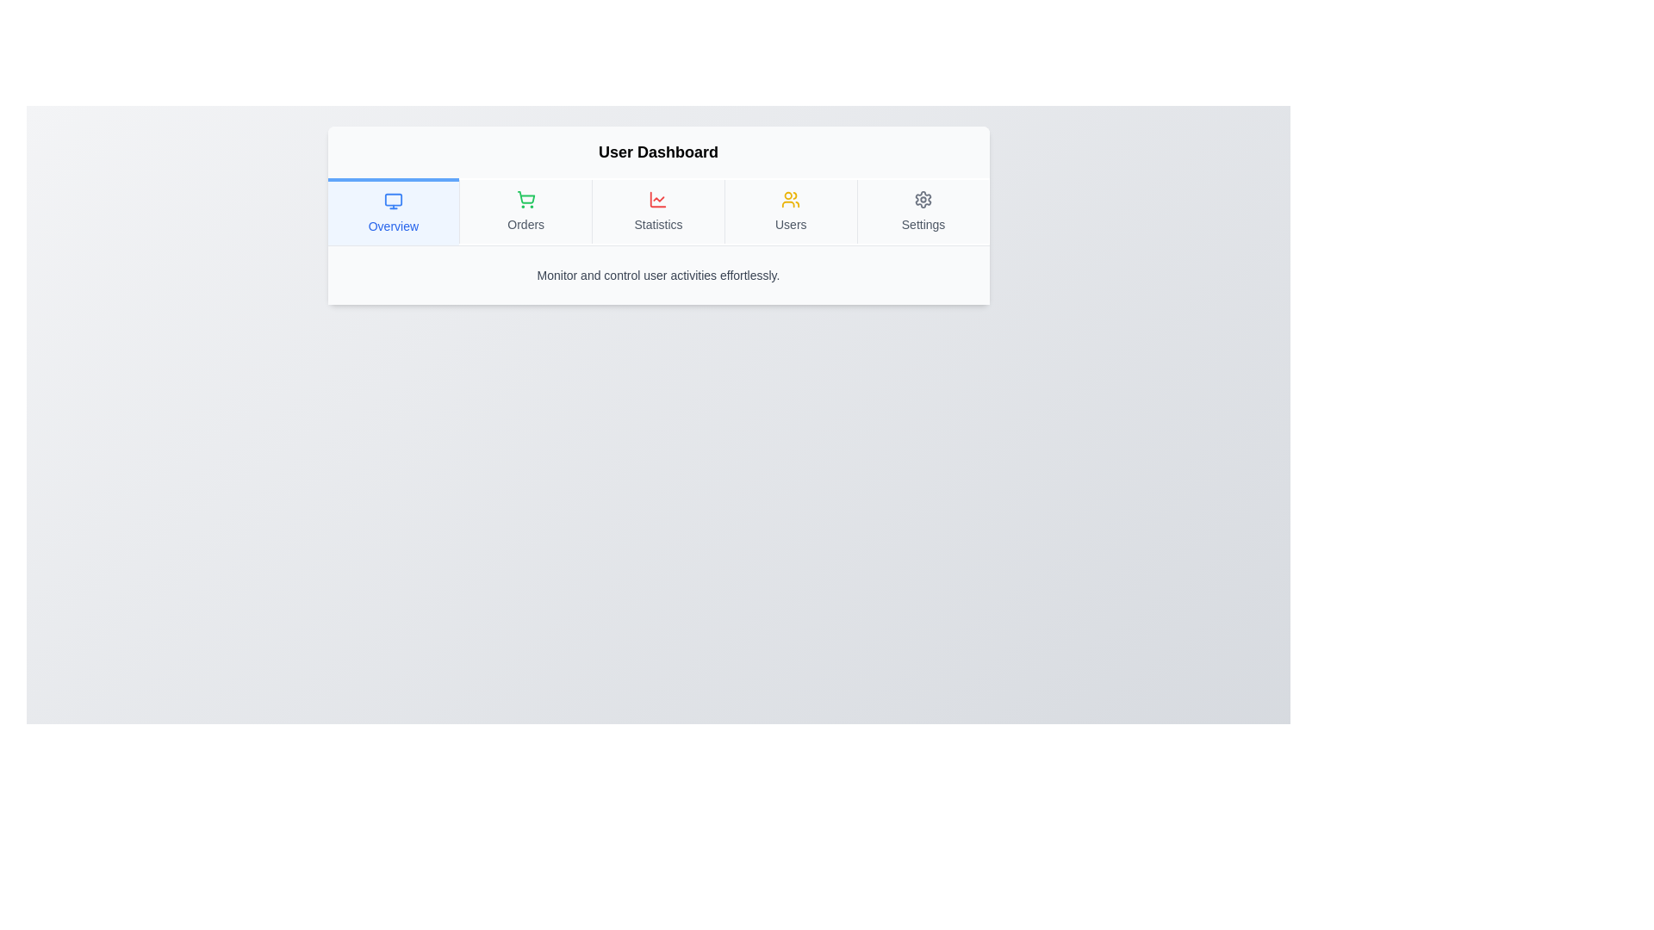  Describe the element at coordinates (657, 214) in the screenshot. I see `the 'Statistics' navigation link, which is the third item in the horizontal navigation bar below 'User Dashboard', positioned between 'Orders' and 'Users'` at that location.